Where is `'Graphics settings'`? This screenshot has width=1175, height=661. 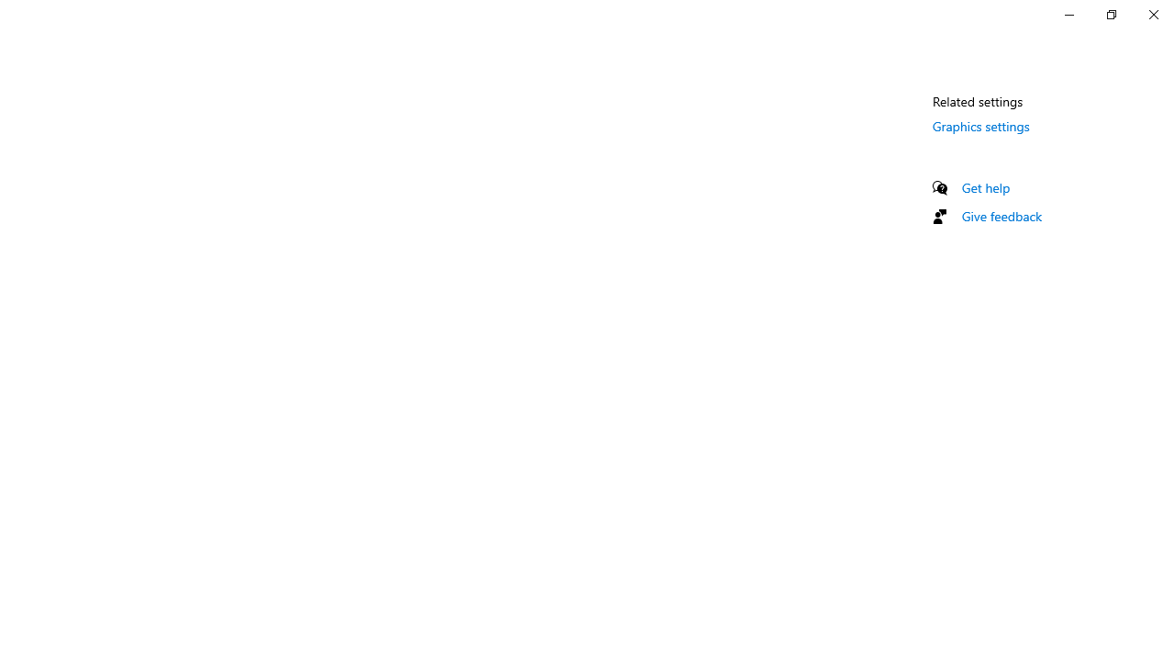 'Graphics settings' is located at coordinates (980, 125).